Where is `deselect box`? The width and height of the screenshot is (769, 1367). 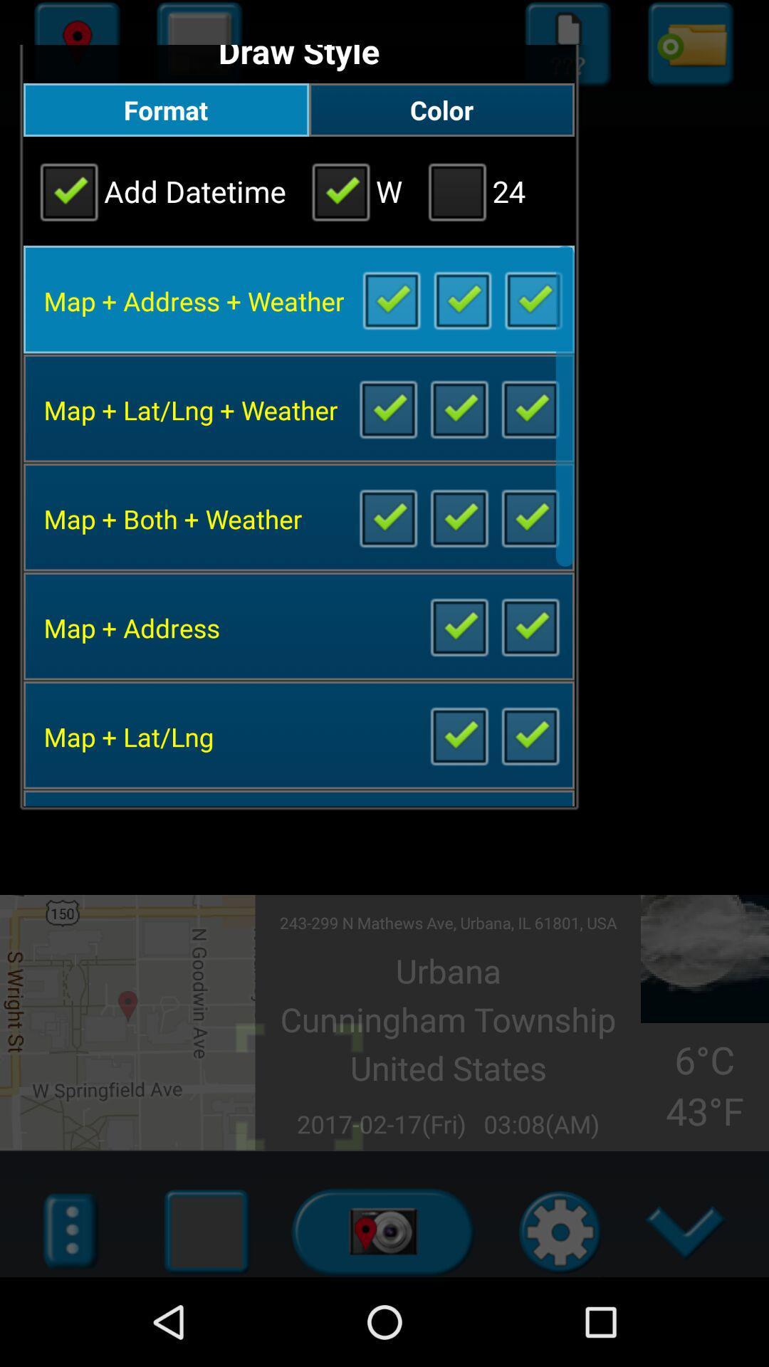
deselect box is located at coordinates (530, 407).